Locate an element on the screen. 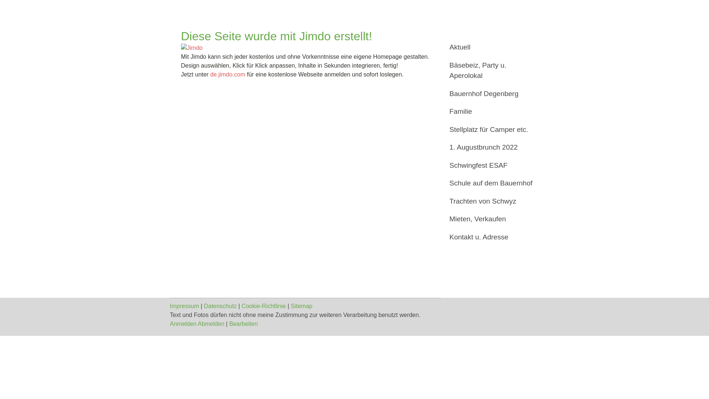  'Datenschutz' is located at coordinates (204, 306).